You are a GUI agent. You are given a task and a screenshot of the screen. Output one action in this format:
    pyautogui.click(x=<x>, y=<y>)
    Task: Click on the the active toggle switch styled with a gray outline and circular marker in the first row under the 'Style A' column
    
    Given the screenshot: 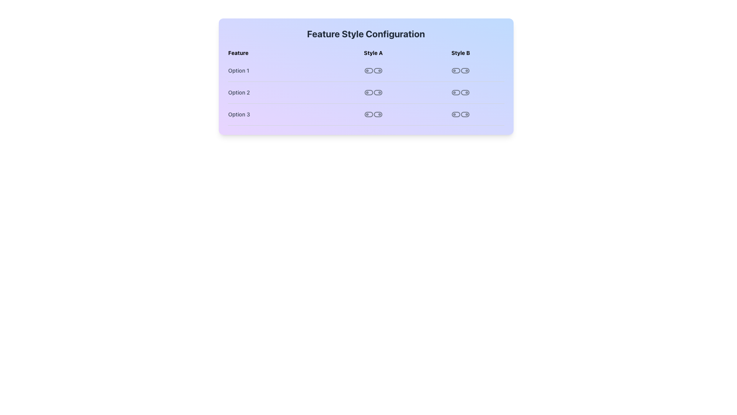 What is the action you would take?
    pyautogui.click(x=378, y=71)
    